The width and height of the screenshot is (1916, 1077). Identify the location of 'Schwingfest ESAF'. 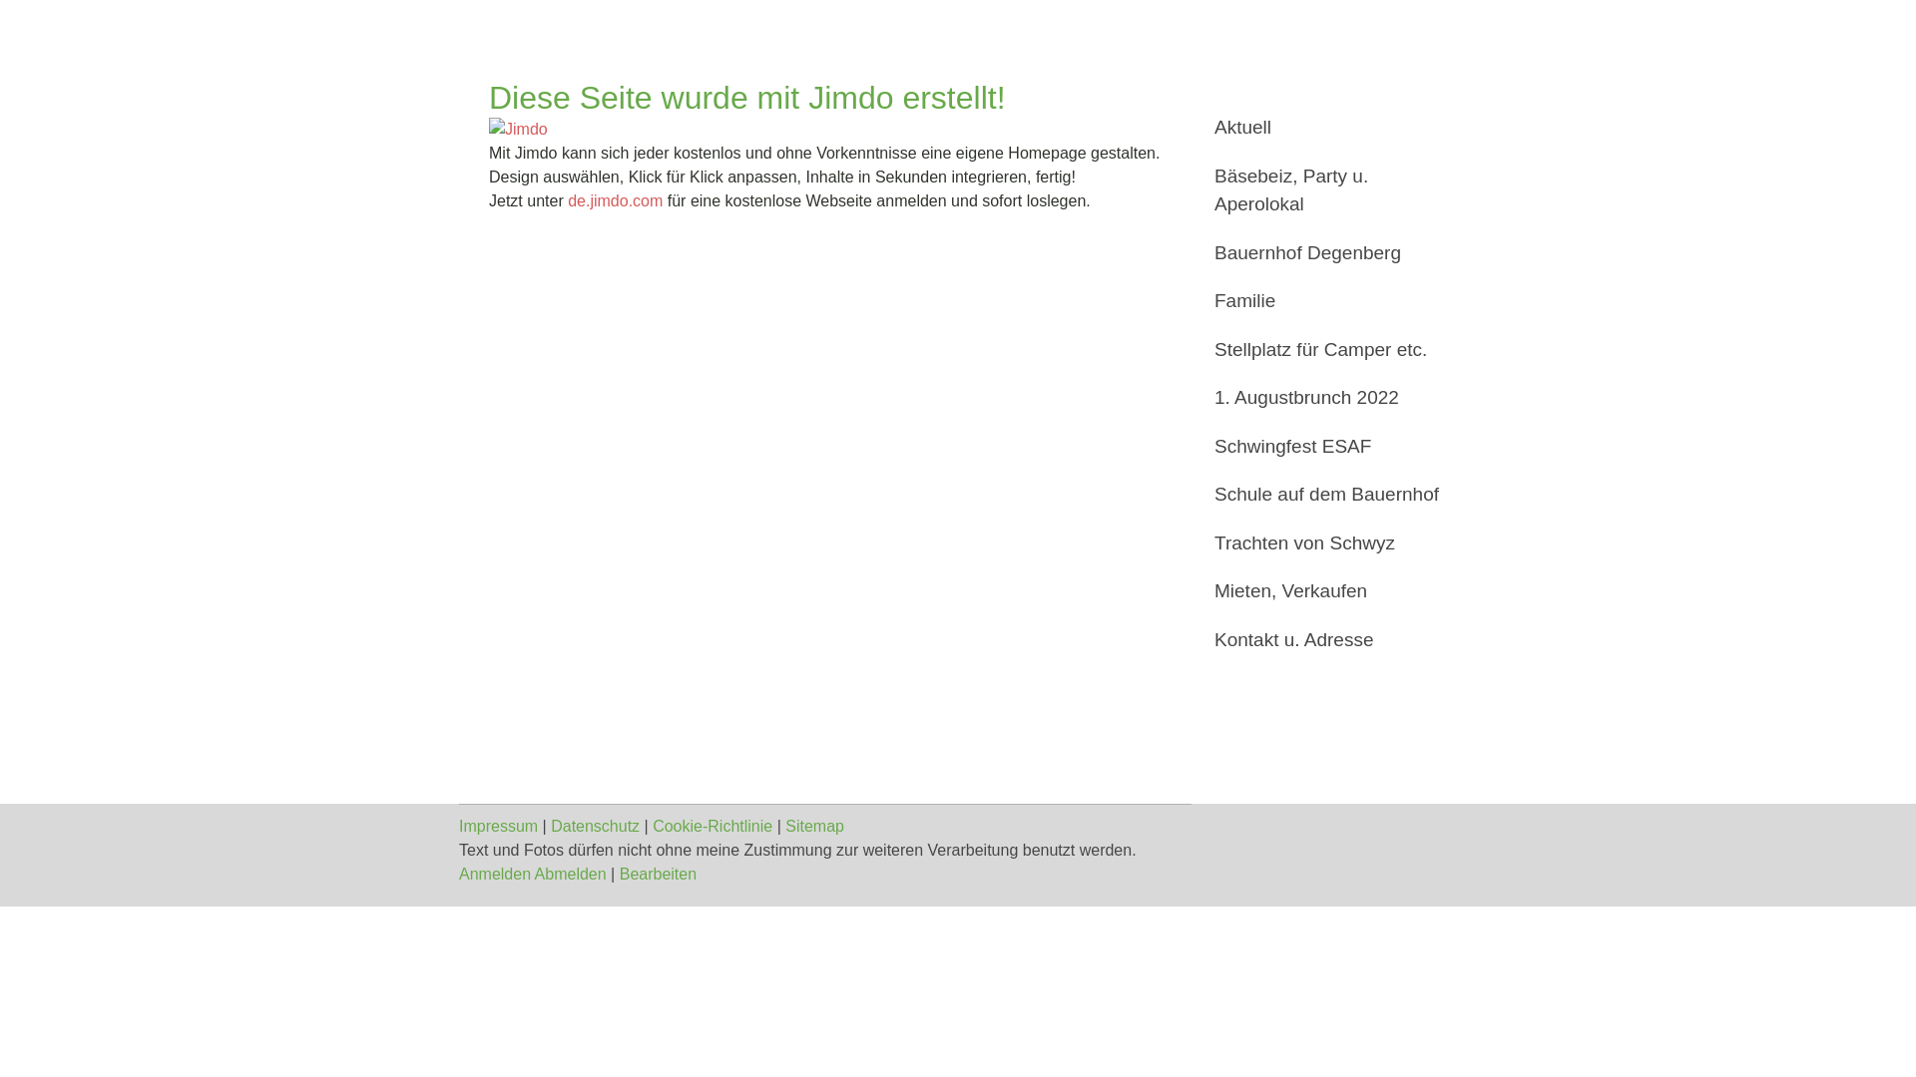
(1326, 446).